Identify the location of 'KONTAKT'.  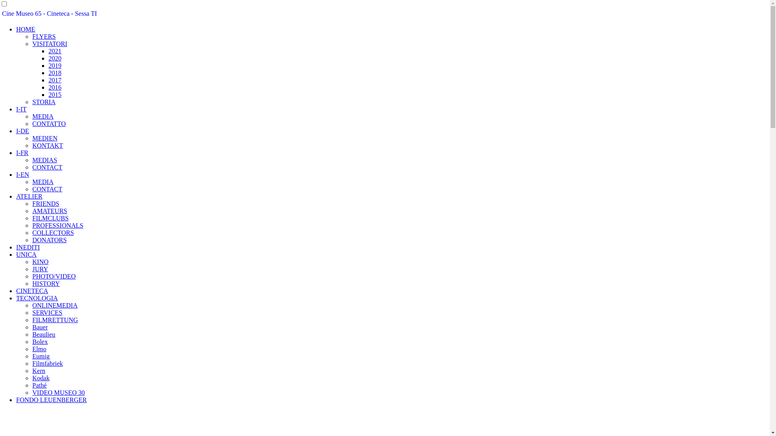
(47, 145).